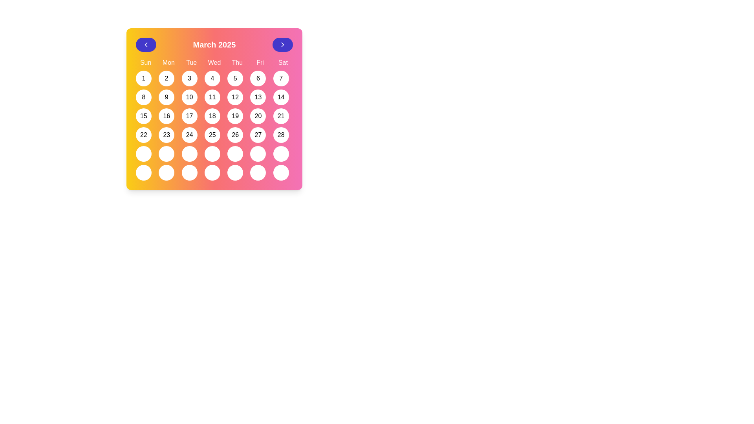 The height and width of the screenshot is (424, 754). Describe the element at coordinates (212, 154) in the screenshot. I see `the interactive calendar button located in the fifth column of the sixth row under 'Thu'` at that location.